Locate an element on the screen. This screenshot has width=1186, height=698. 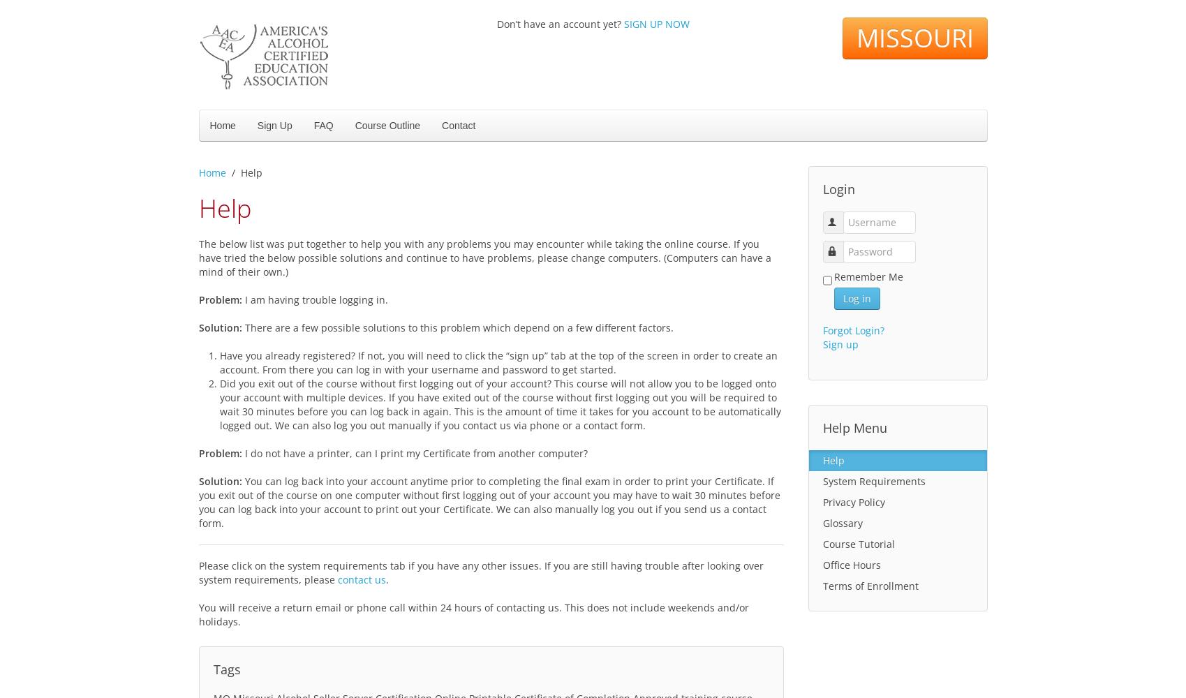
'Help Menu' is located at coordinates (854, 427).